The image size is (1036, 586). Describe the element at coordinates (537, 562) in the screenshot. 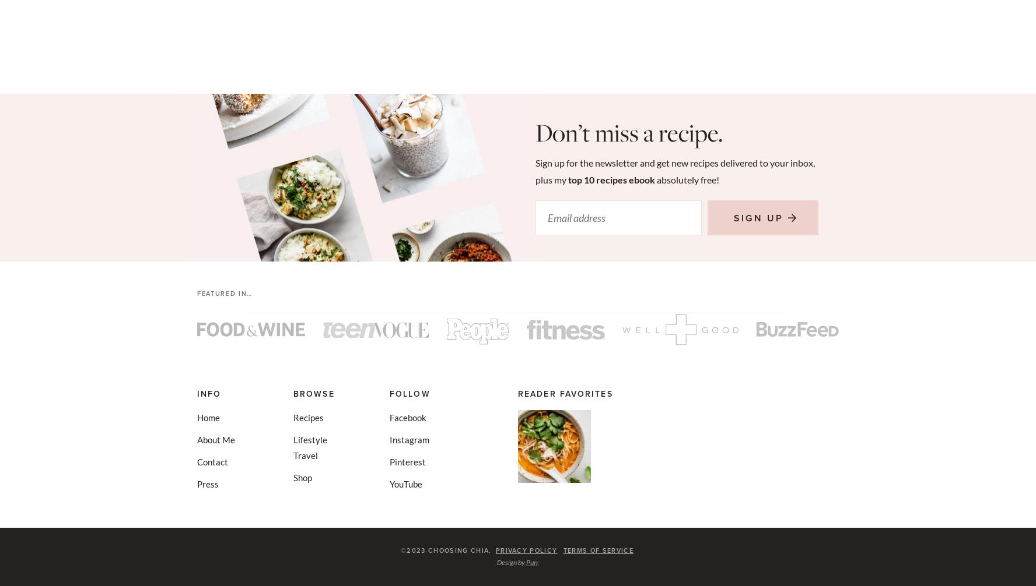

I see `'.'` at that location.